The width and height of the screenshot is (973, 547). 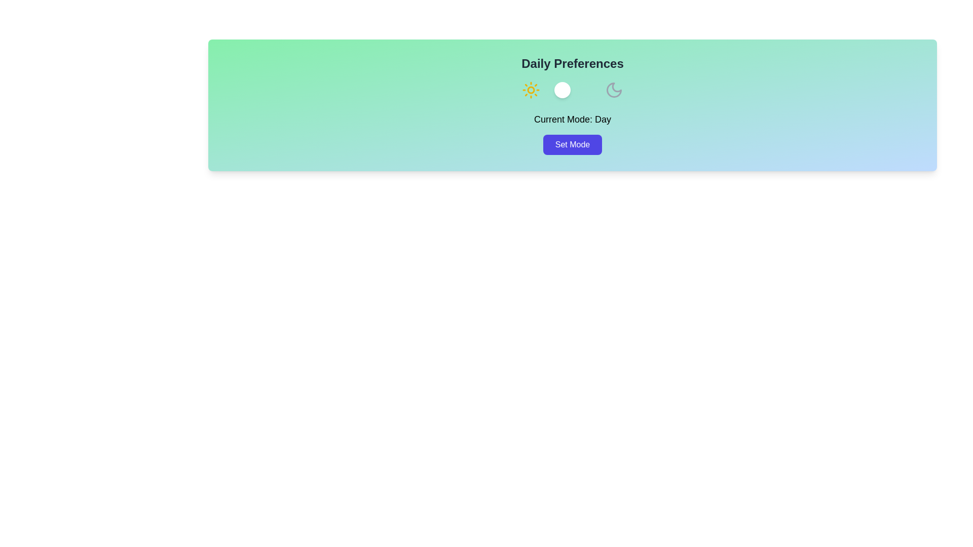 I want to click on the 'Set Mode' button to trigger the mode setting action, so click(x=572, y=144).